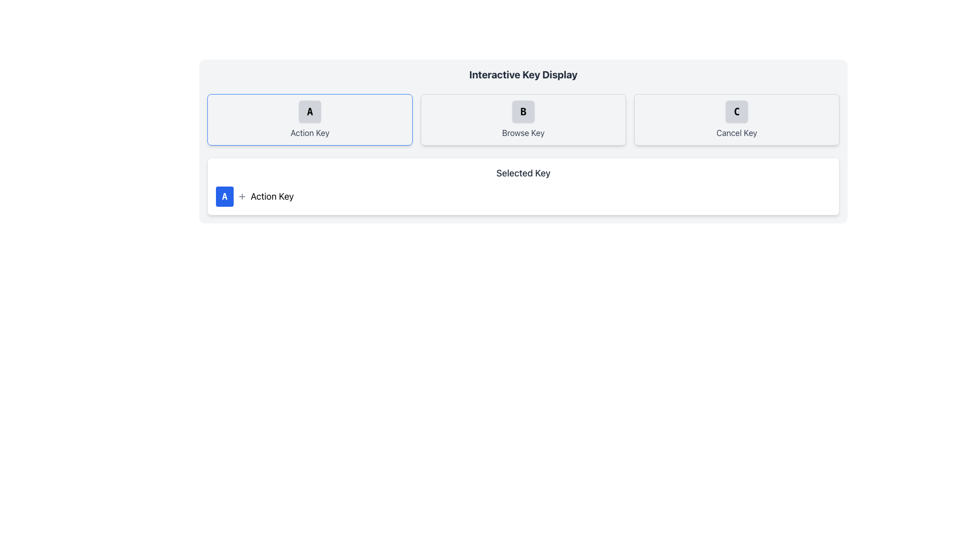 This screenshot has width=971, height=546. I want to click on the text label that describes the purpose of the 'C' key, which is positioned below the 'C' text in the rightmost card of a row of three cards, so click(737, 132).